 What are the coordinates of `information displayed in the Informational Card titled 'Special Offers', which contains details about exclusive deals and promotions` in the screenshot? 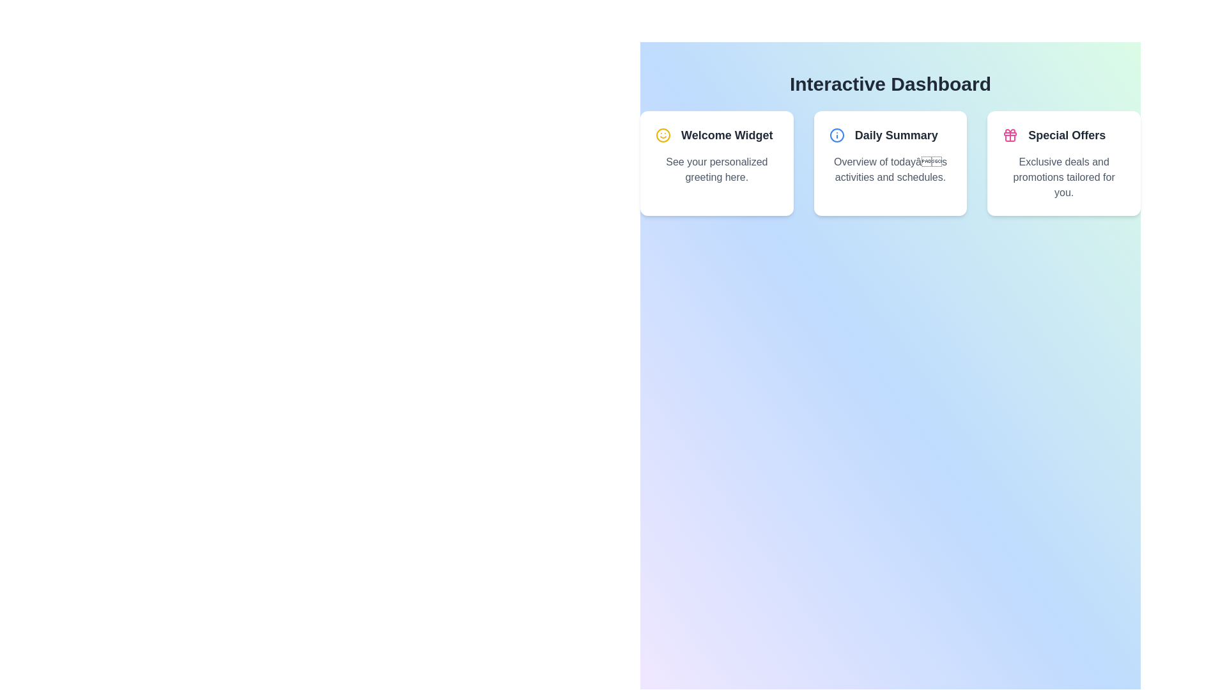 It's located at (1064, 162).